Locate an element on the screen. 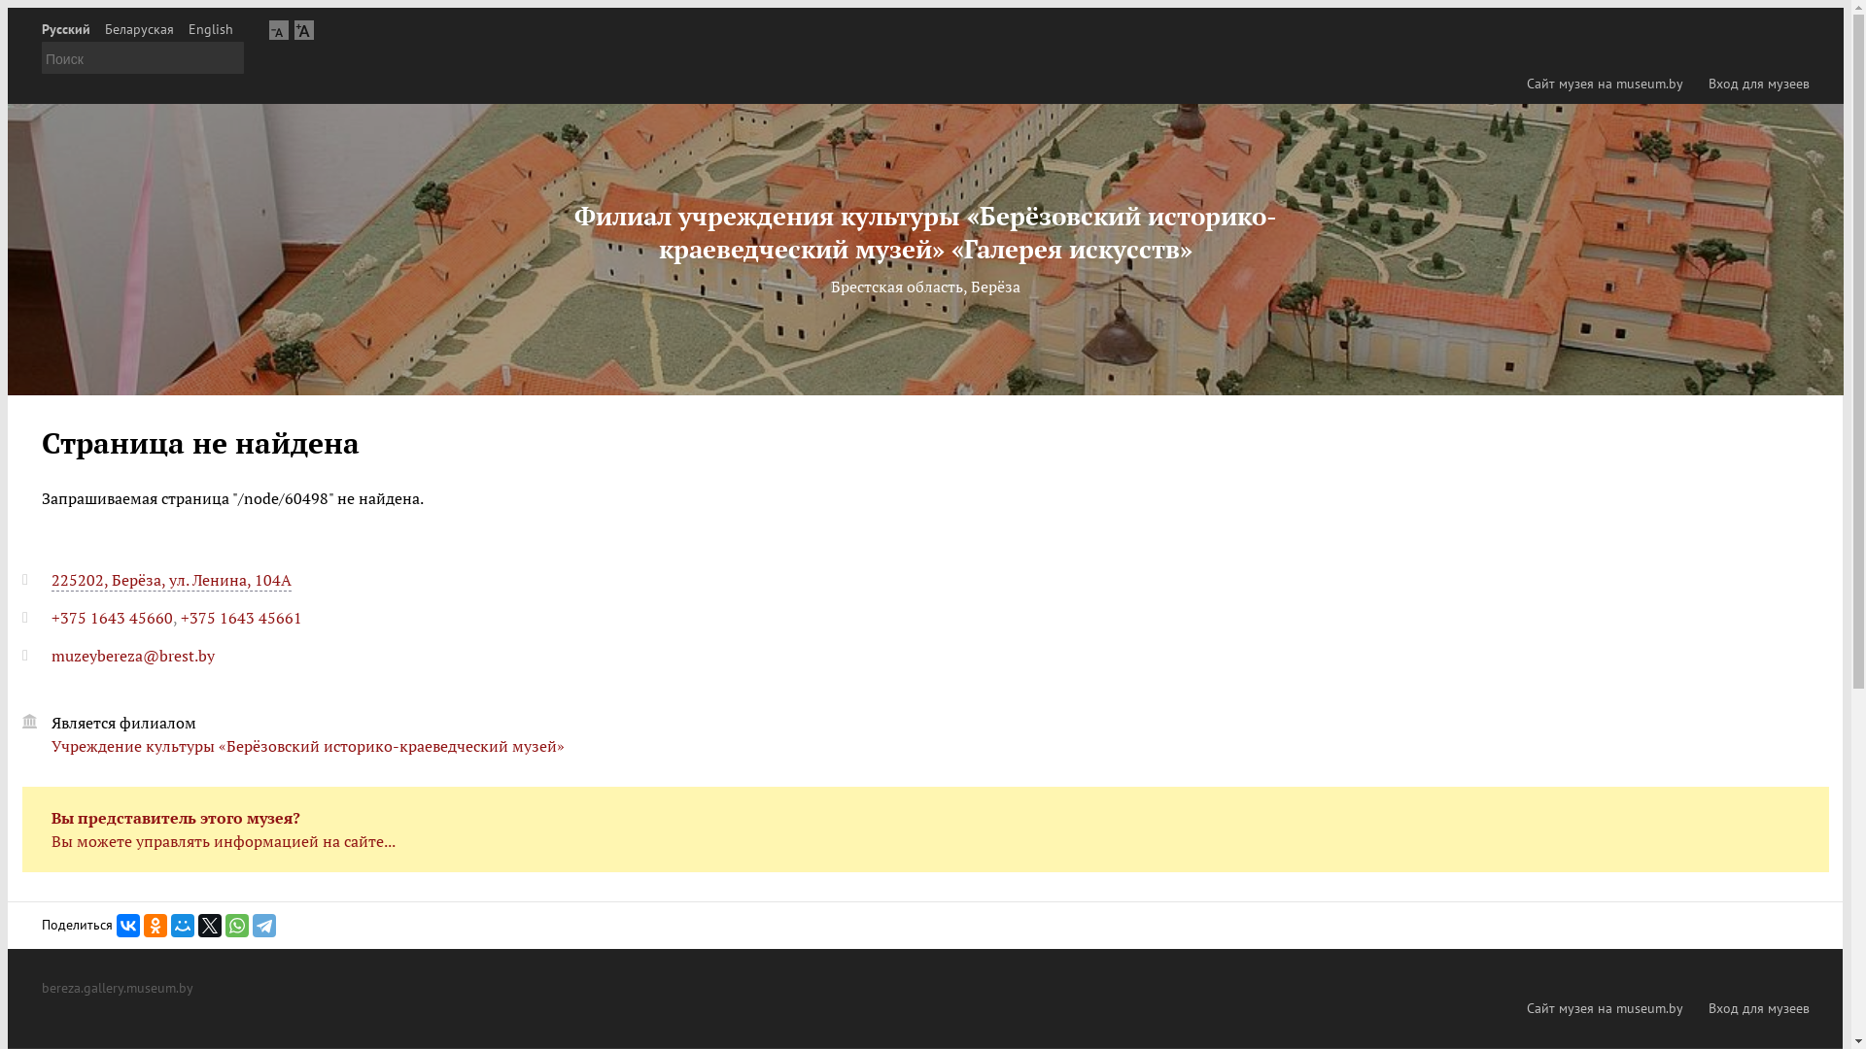  'WhatsApp' is located at coordinates (236, 924).